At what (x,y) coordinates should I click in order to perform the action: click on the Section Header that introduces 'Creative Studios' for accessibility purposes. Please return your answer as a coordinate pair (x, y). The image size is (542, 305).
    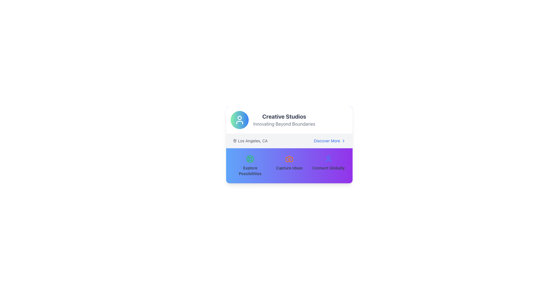
    Looking at the image, I should click on (289, 119).